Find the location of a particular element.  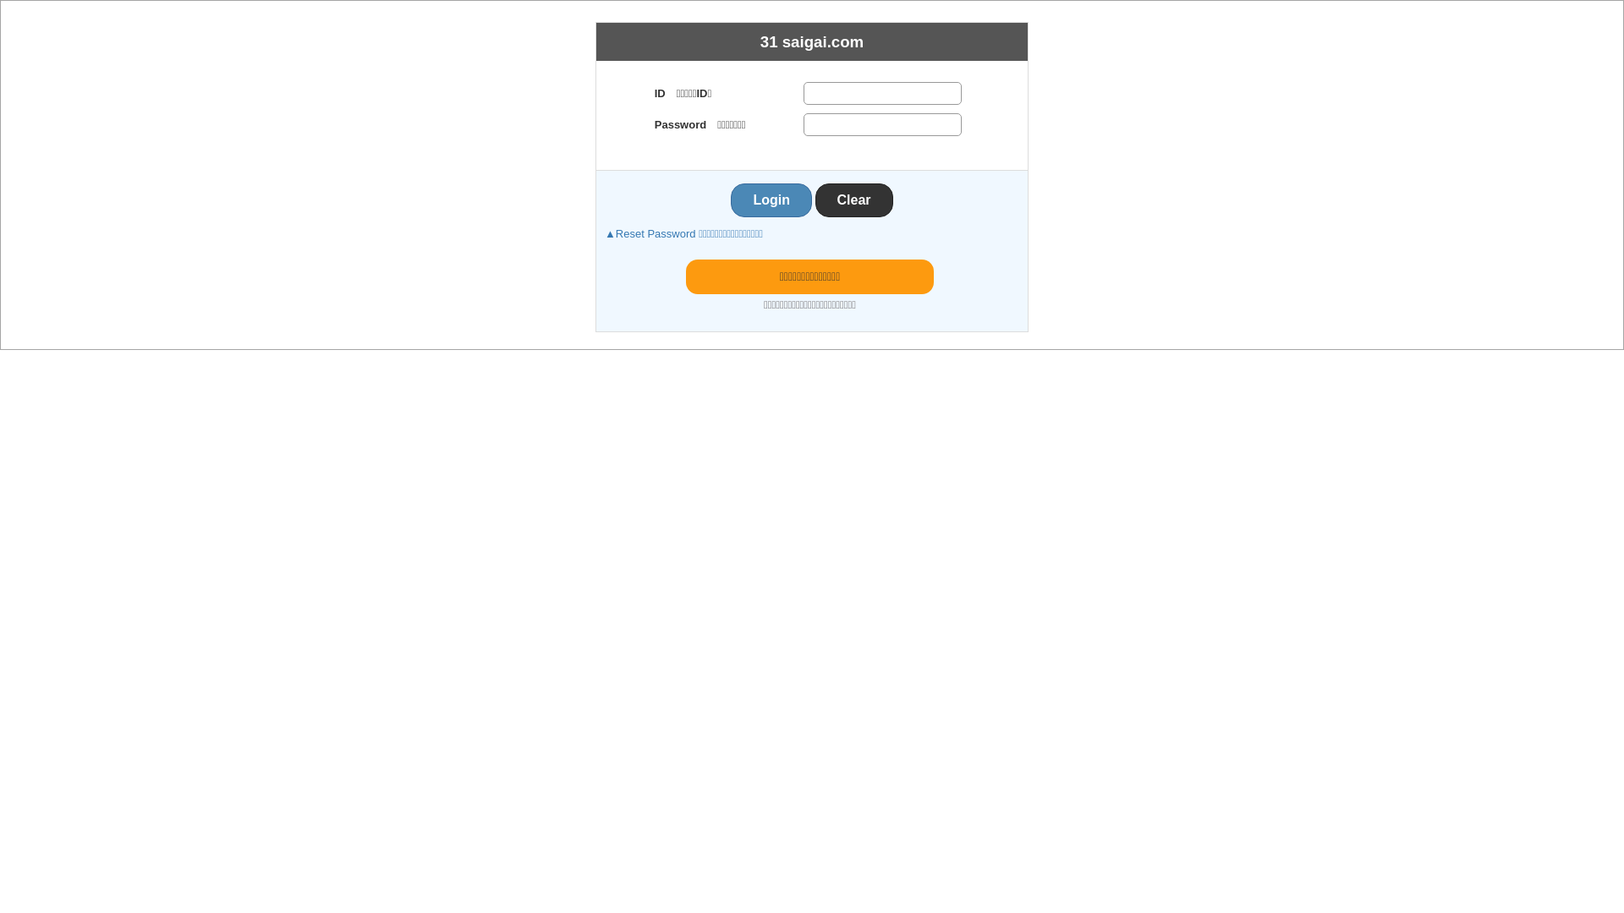

'Clear' is located at coordinates (853, 199).